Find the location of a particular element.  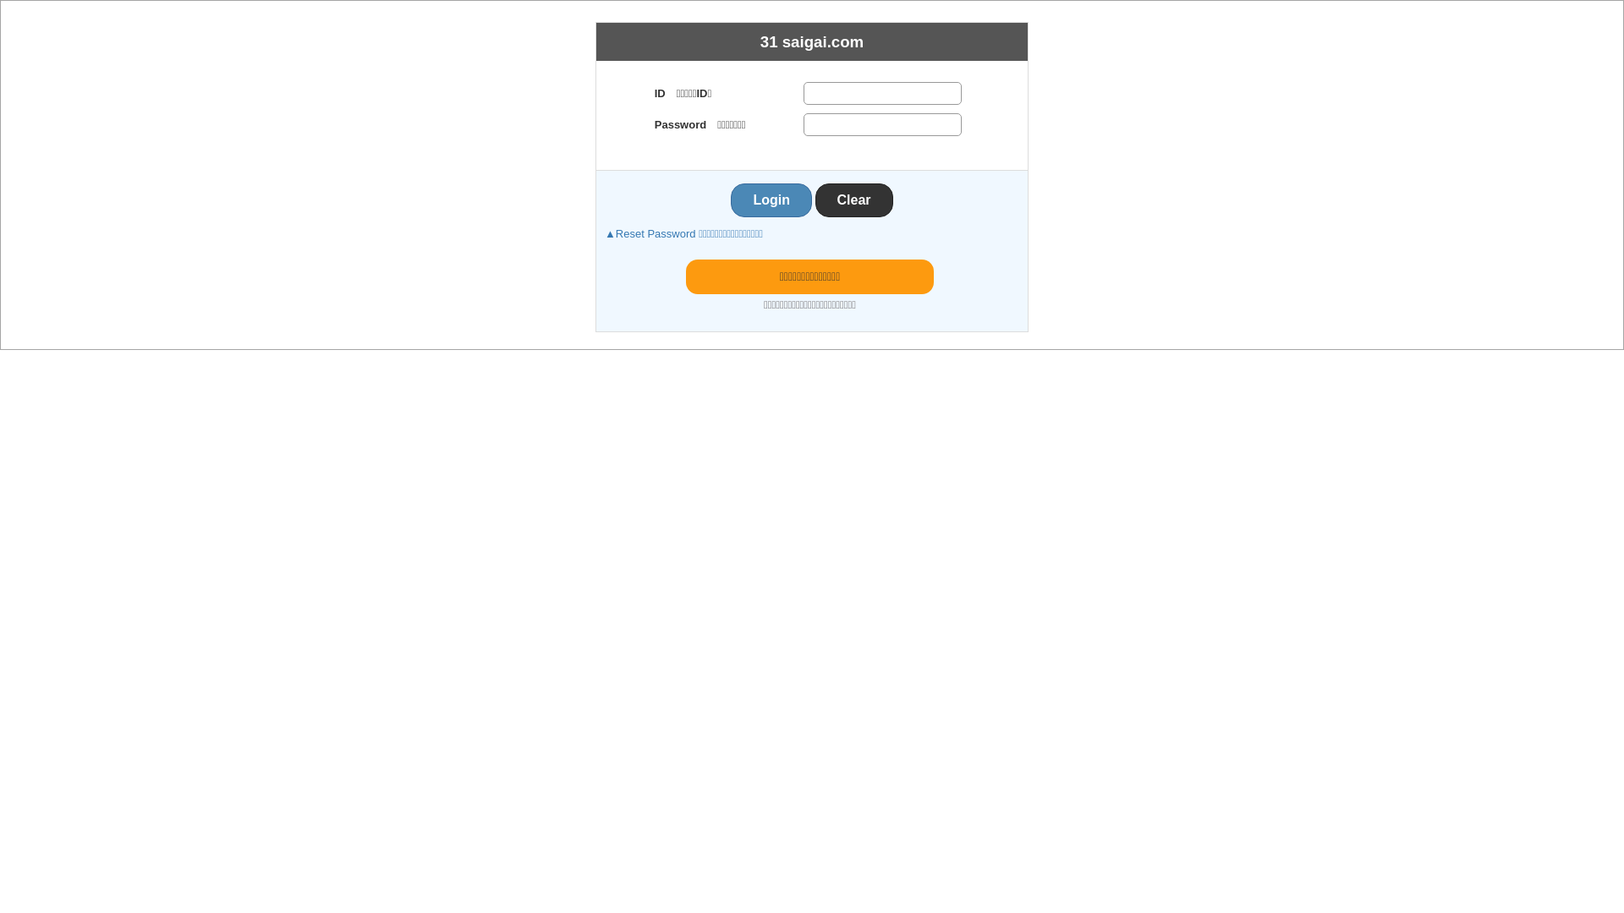

'Clear' is located at coordinates (853, 199).